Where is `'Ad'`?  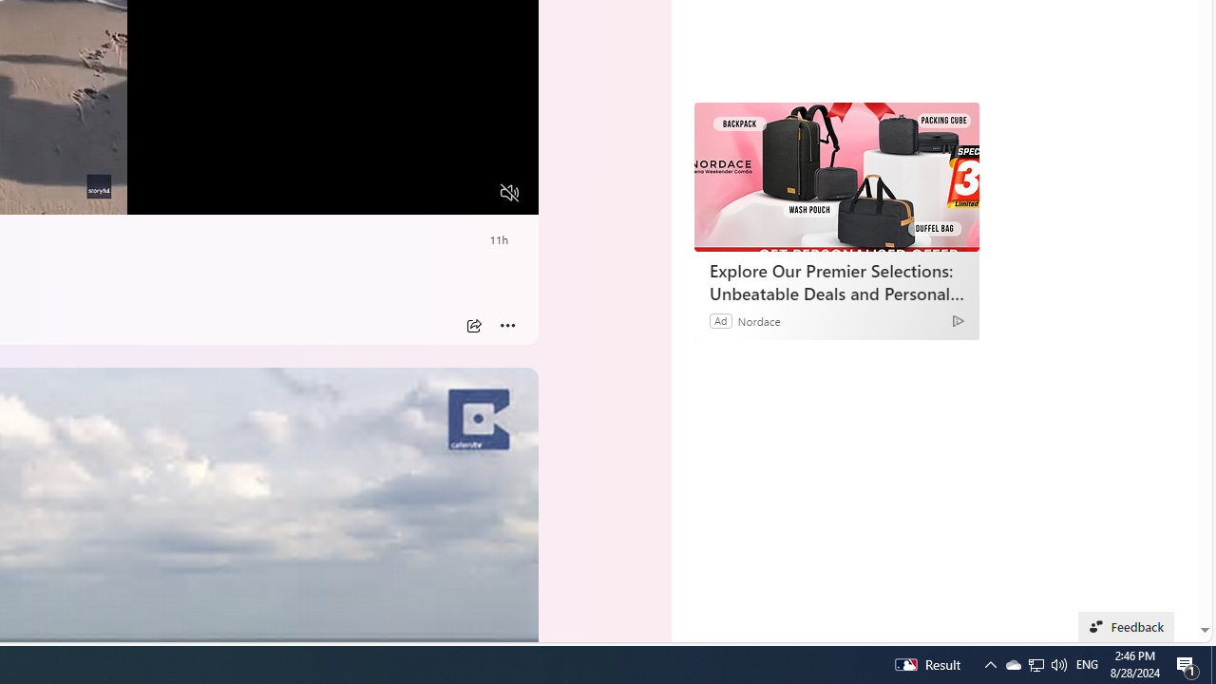 'Ad' is located at coordinates (719, 319).